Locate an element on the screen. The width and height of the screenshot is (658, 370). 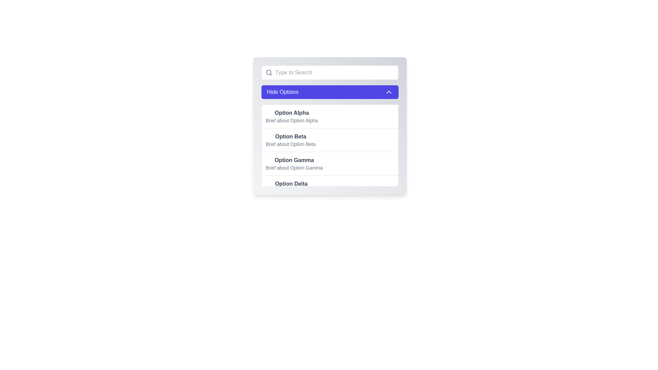
the first selectable list item titled 'Option Alpha' which displays a bold title and a brief description, located below the 'Hide Options' section header is located at coordinates (292, 116).